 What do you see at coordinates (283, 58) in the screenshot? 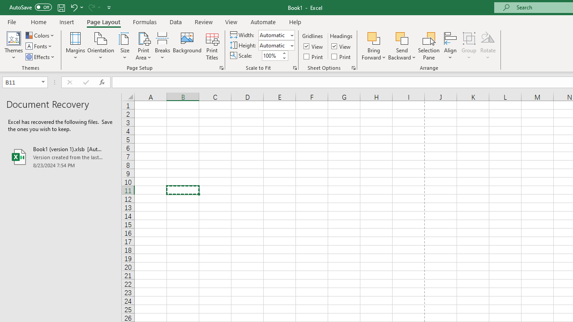
I see `'Less'` at bounding box center [283, 58].